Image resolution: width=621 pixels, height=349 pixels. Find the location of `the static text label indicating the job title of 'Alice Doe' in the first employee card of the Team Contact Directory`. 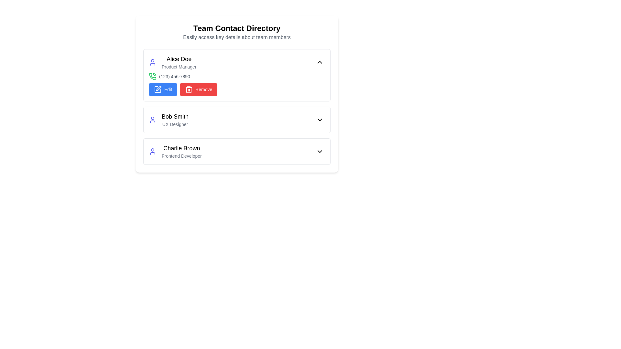

the static text label indicating the job title of 'Alice Doe' in the first employee card of the Team Contact Directory is located at coordinates (179, 67).